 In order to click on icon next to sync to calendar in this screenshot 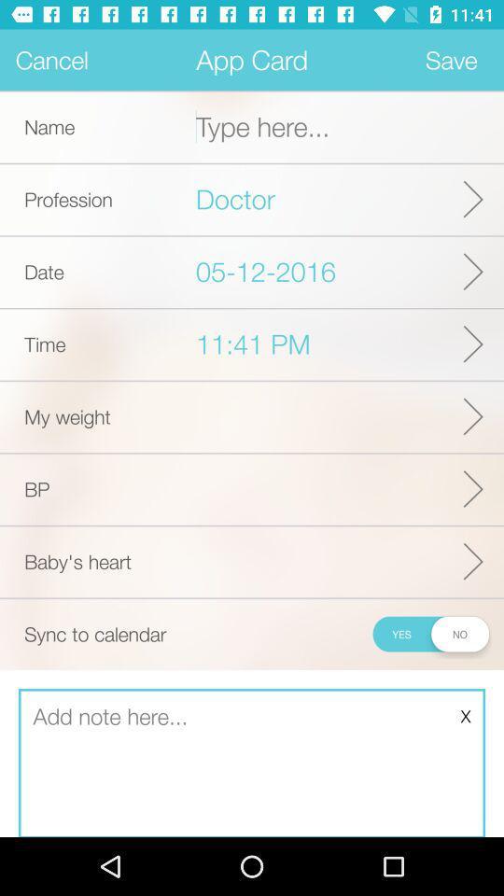, I will do `click(430, 634)`.